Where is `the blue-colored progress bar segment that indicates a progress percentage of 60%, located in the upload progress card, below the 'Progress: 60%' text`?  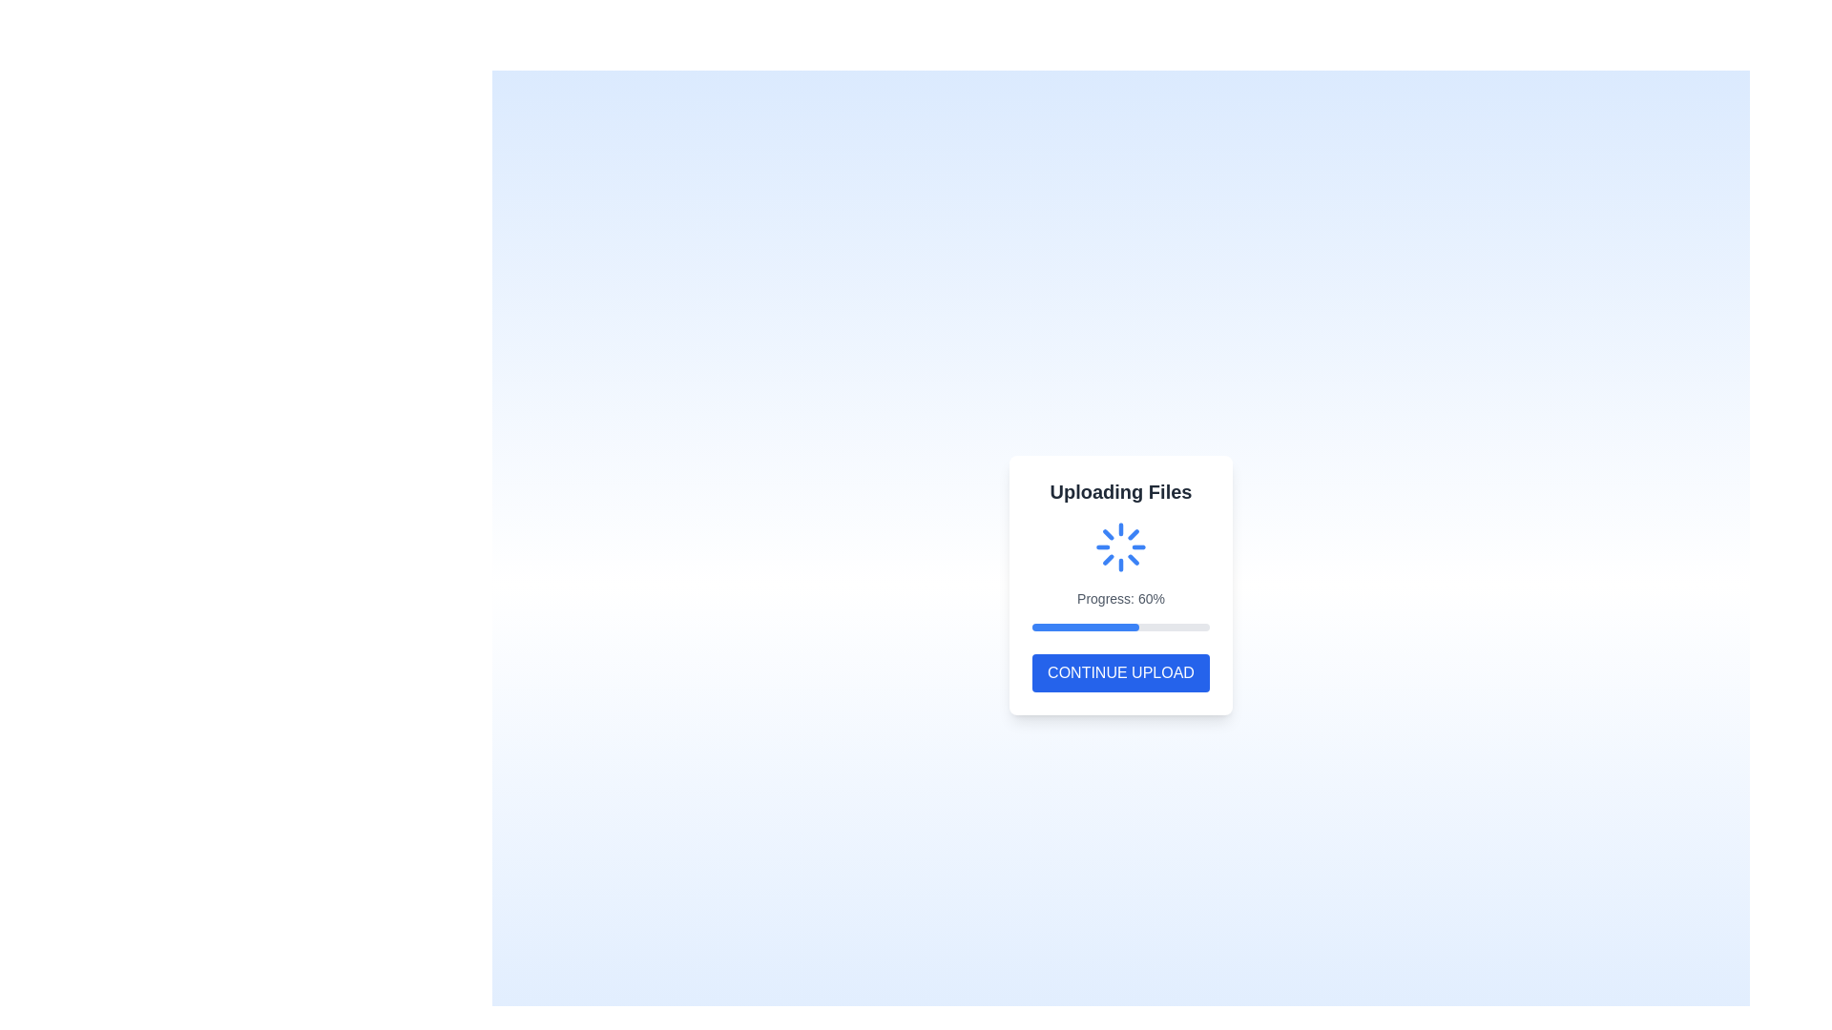 the blue-colored progress bar segment that indicates a progress percentage of 60%, located in the upload progress card, below the 'Progress: 60%' text is located at coordinates (1085, 628).